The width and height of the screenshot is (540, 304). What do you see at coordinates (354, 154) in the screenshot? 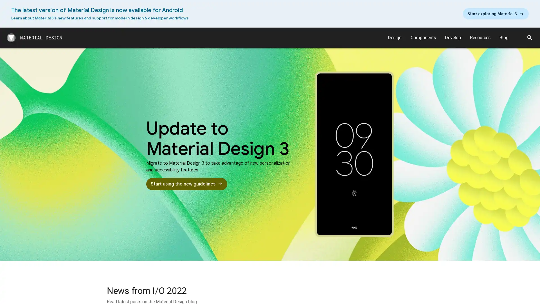
I see `pause video` at bounding box center [354, 154].